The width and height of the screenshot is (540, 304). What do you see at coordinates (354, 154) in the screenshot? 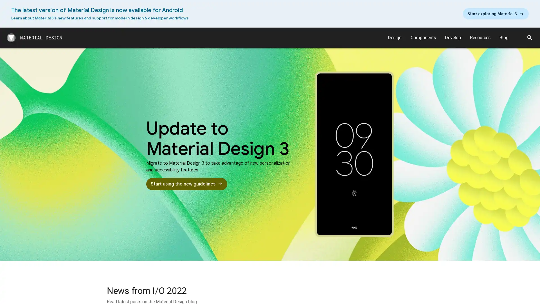
I see `pause video` at bounding box center [354, 154].